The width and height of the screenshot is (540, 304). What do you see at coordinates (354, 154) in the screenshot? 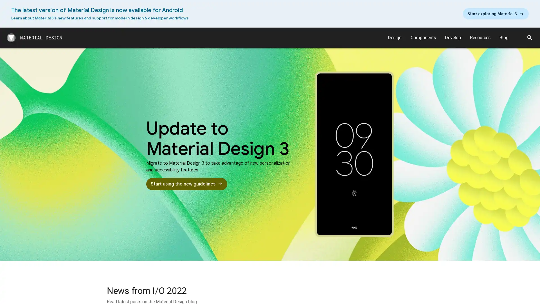
I see `pause video` at bounding box center [354, 154].